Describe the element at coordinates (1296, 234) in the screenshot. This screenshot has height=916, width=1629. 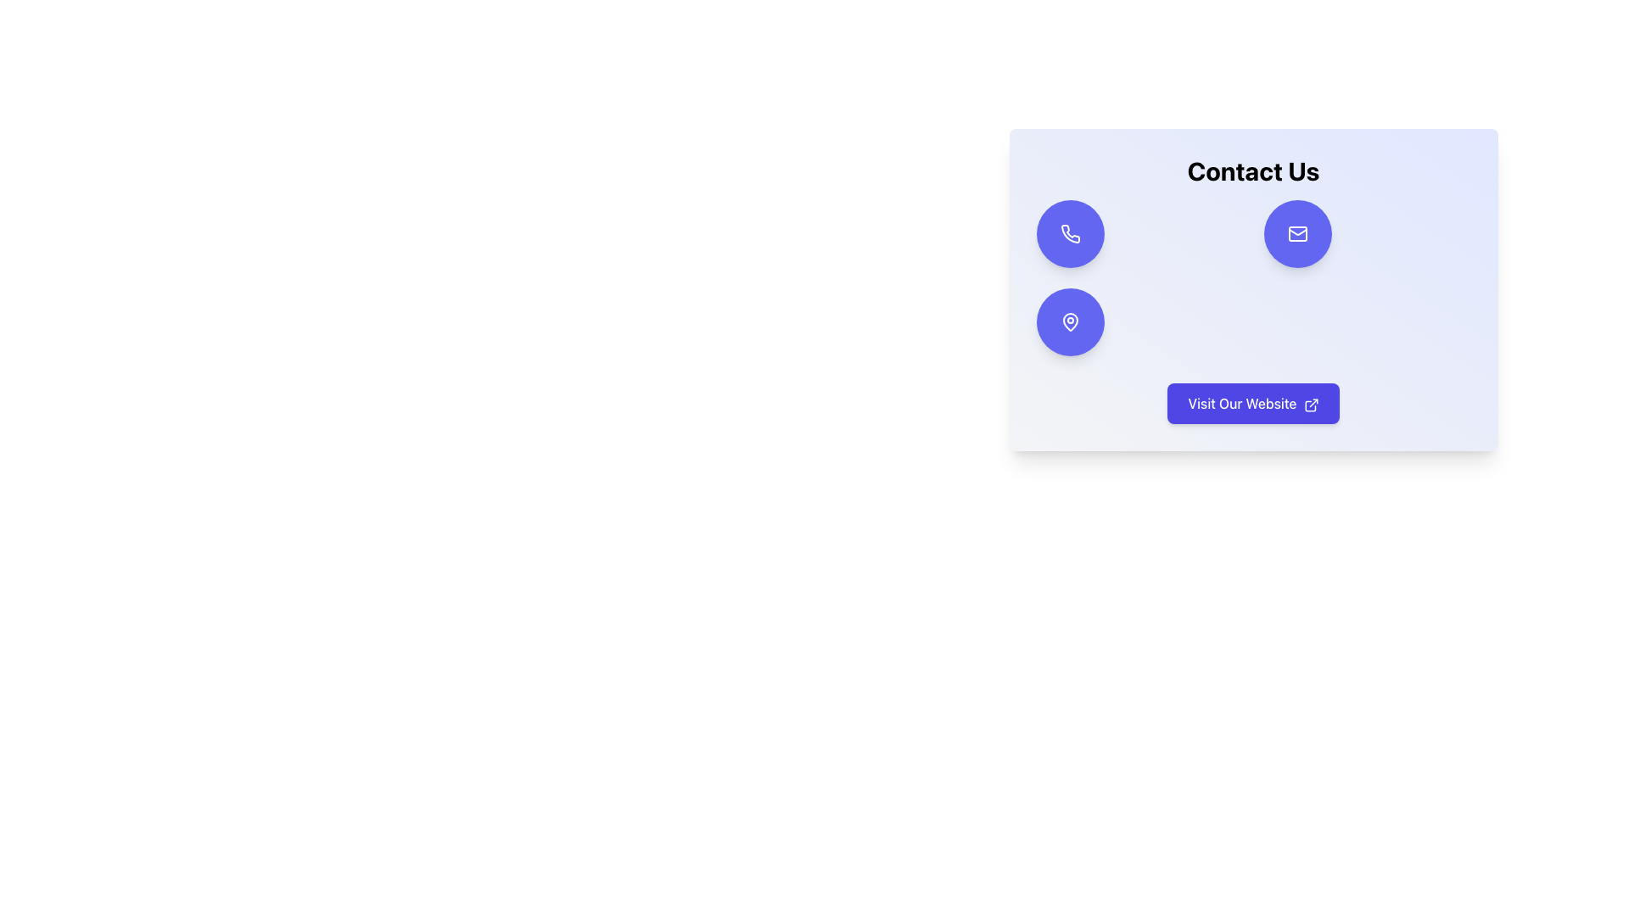
I see `the mail icon button, which is depicted as an envelope with a purple circular background` at that location.